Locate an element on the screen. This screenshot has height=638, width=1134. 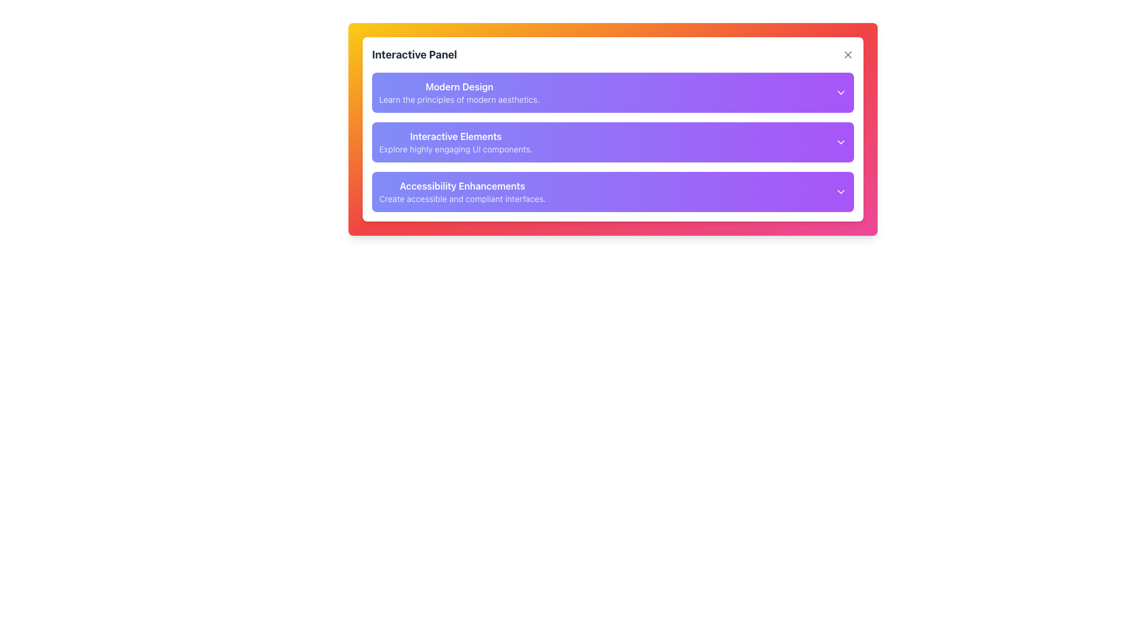
the first Text block in the vertical list of selectable options within the panel is located at coordinates (458, 92).